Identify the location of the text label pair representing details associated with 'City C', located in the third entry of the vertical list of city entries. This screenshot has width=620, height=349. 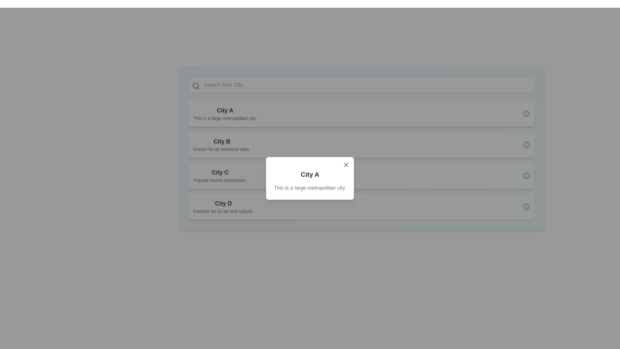
(220, 175).